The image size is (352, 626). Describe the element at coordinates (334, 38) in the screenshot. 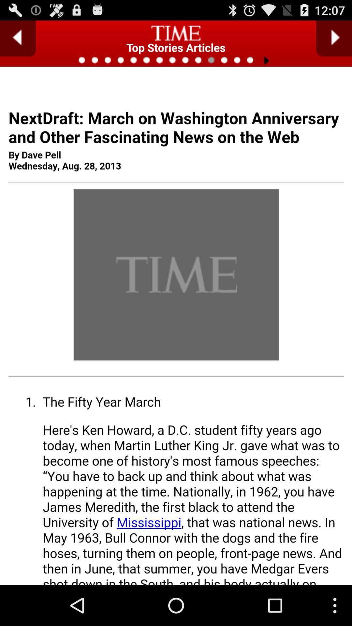

I see `autoplay option` at that location.